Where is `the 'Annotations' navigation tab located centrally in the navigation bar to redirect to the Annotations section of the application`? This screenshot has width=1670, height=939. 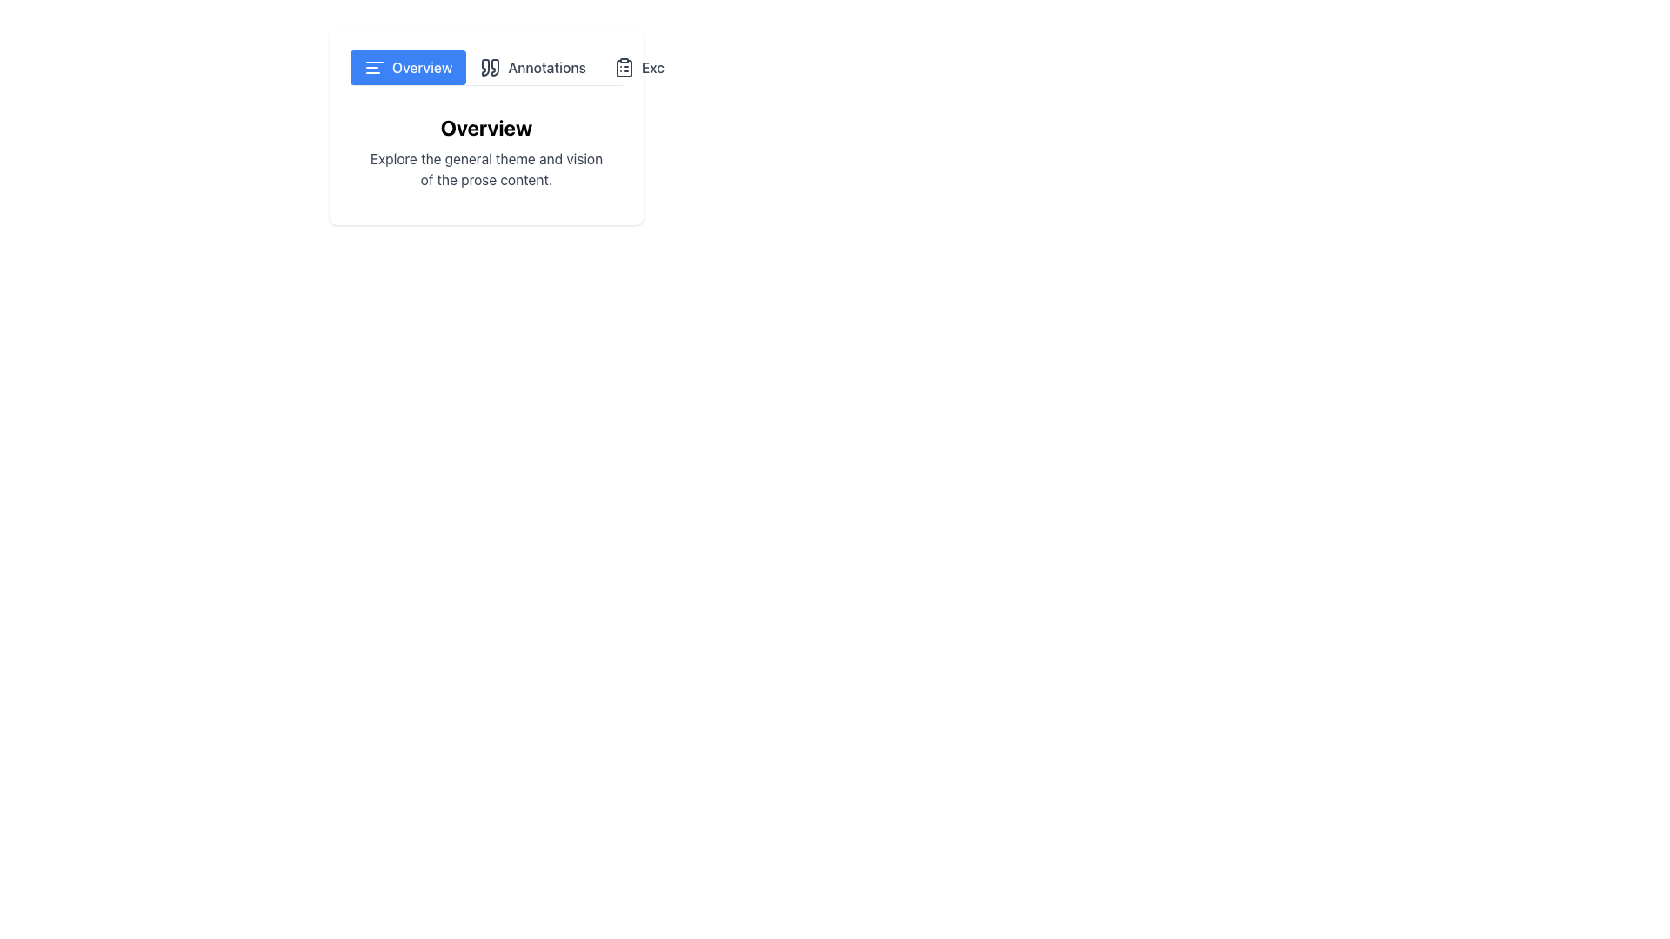 the 'Annotations' navigation tab located centrally in the navigation bar to redirect to the Annotations section of the application is located at coordinates (532, 66).